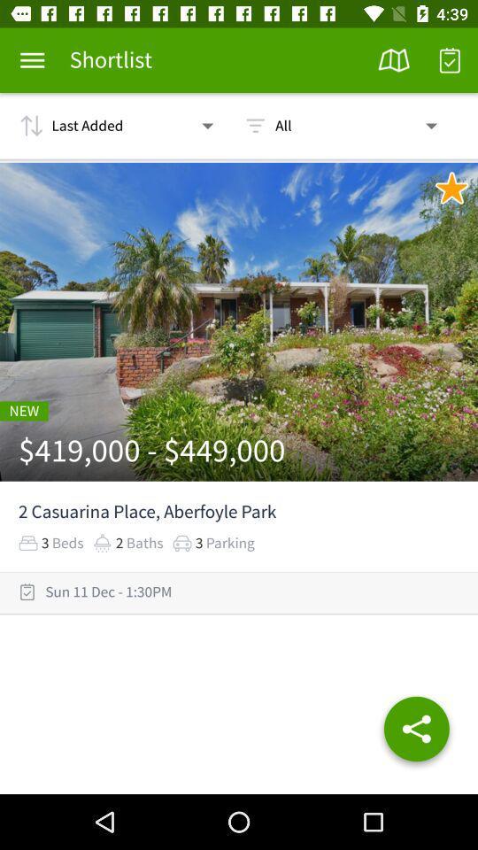 This screenshot has width=478, height=850. What do you see at coordinates (452, 188) in the screenshot?
I see `the star symbol` at bounding box center [452, 188].